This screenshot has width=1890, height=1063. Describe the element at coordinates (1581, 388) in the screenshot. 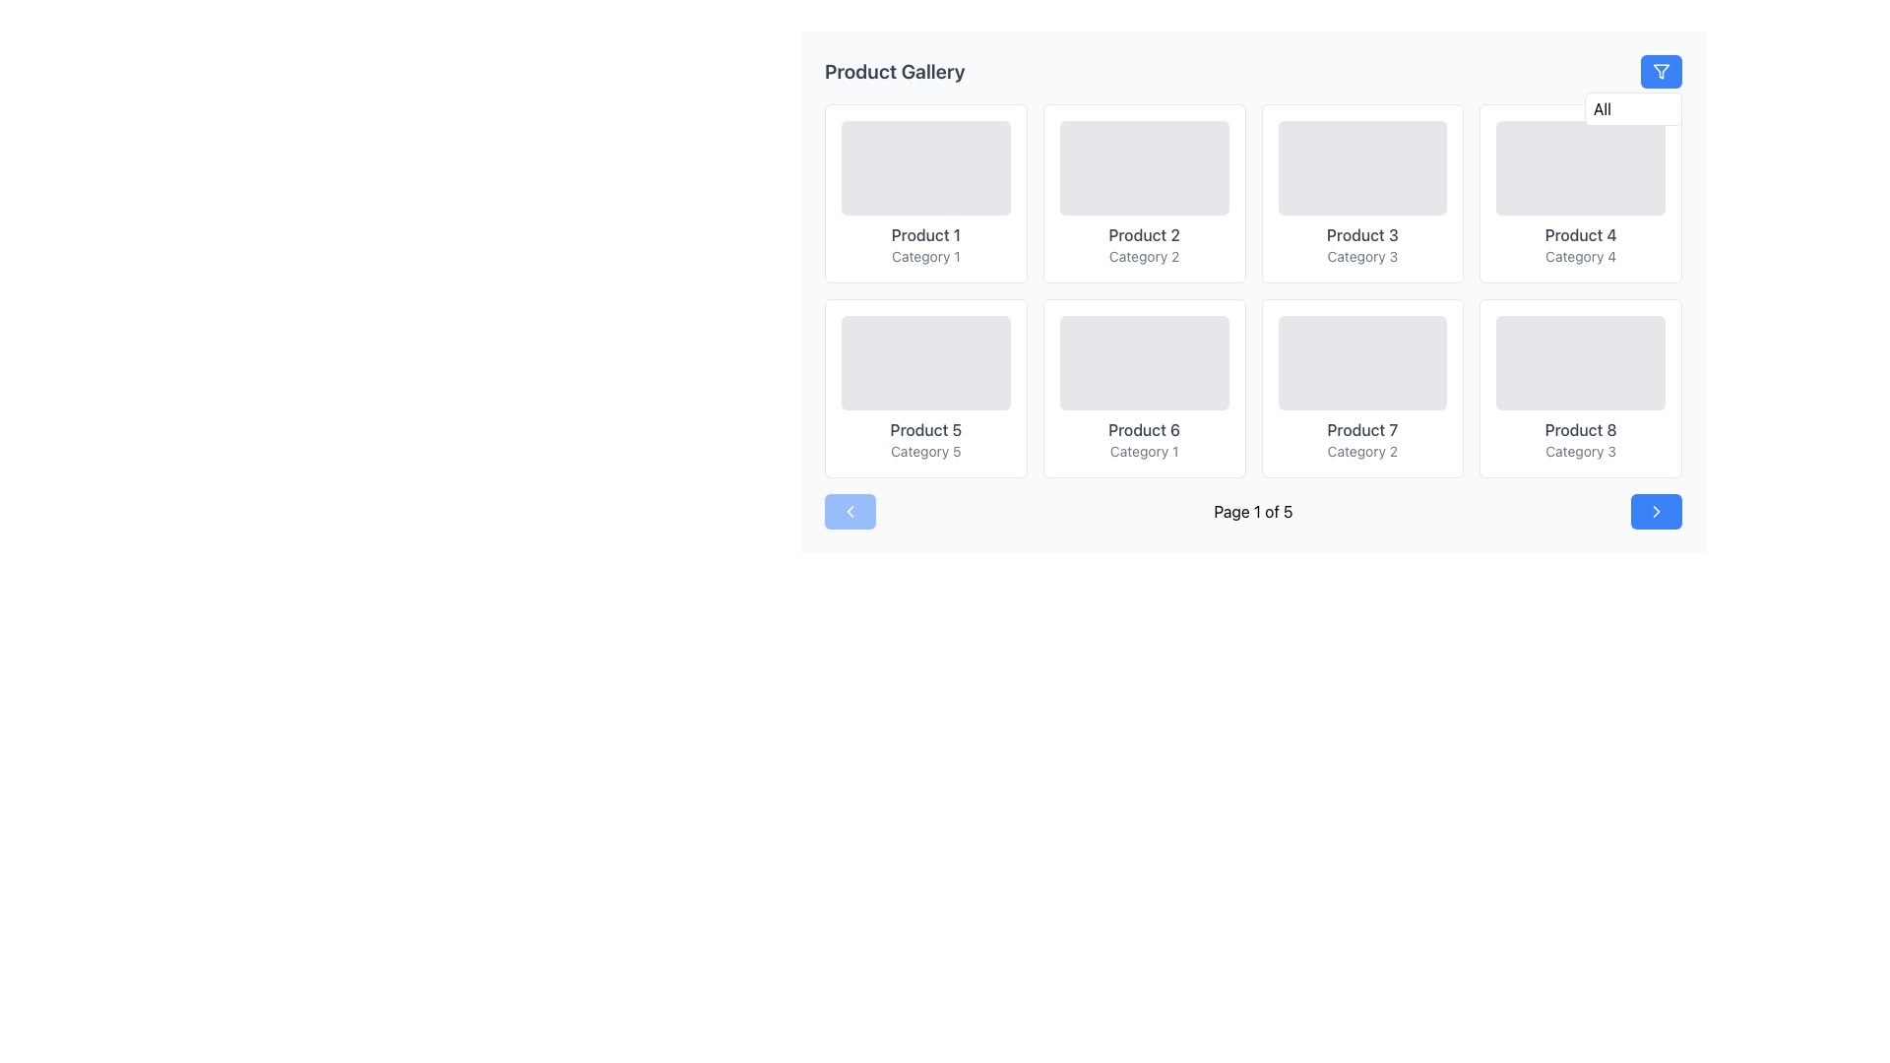

I see `the rectangular card with a white background and rounded border, which contains 'Product 8' and 'Category 3', located in the second row, fourth column of the grid` at that location.